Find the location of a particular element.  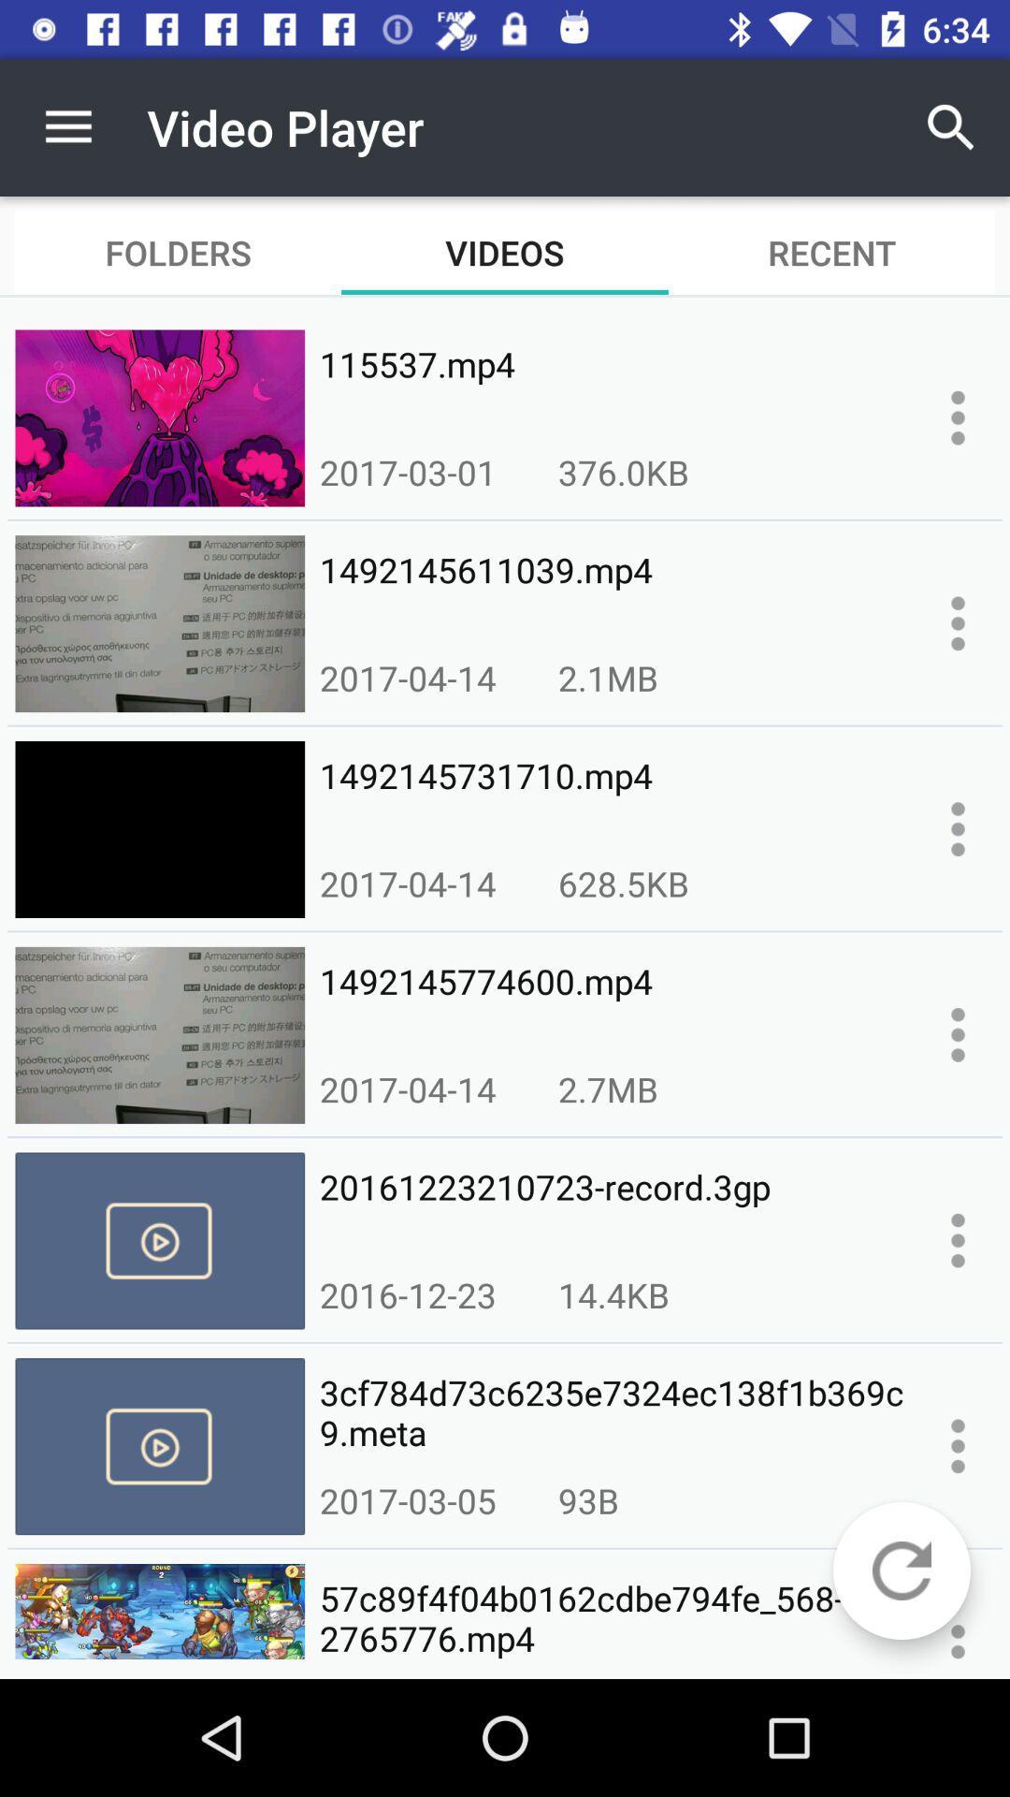

the refresh icon is located at coordinates (901, 1571).